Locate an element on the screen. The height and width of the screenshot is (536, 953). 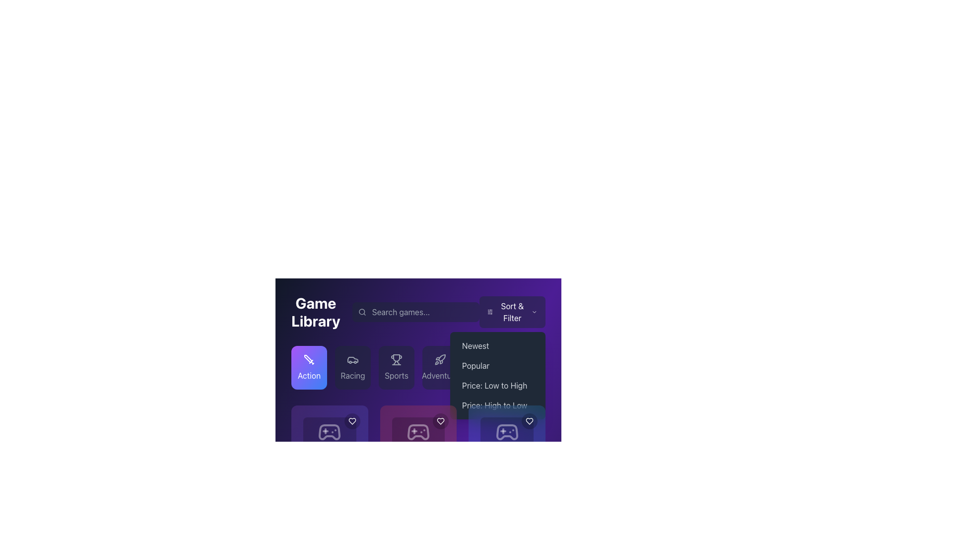
the heart-shaped icon with a hollow center located inside the black circular button at the bottom-right section of the purple card representing a game in the library is located at coordinates (352, 421).